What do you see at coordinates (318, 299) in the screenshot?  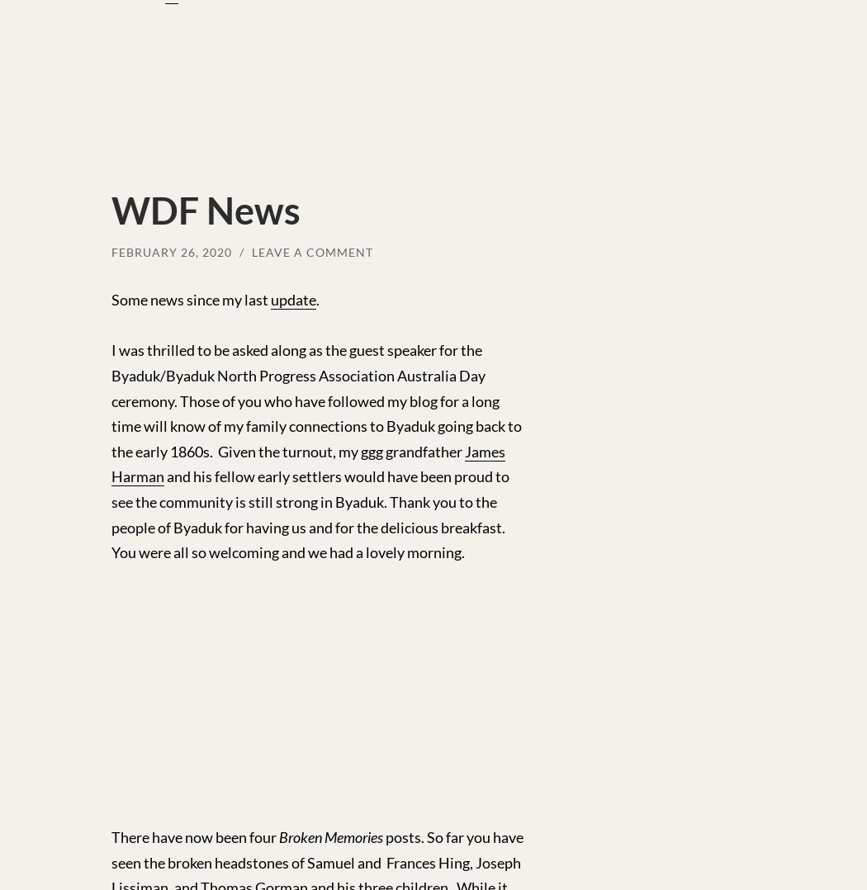 I see `'.'` at bounding box center [318, 299].